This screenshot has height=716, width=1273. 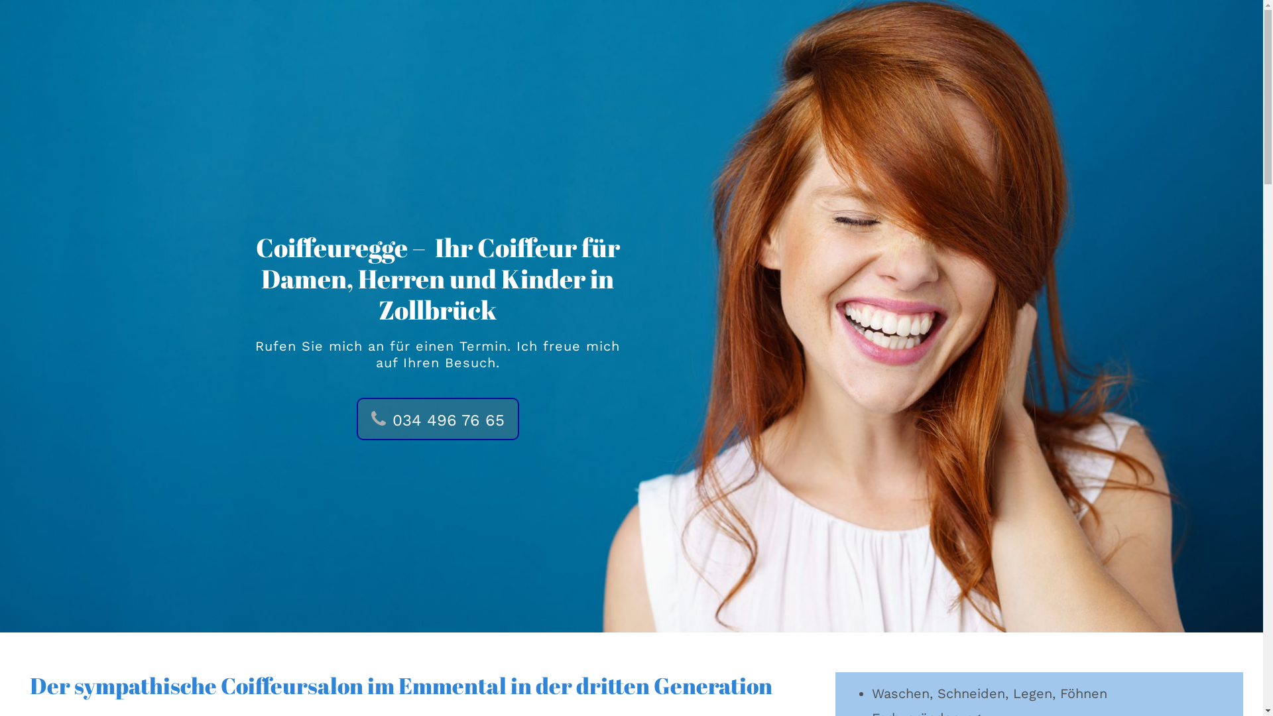 I want to click on '034 496 76 65', so click(x=438, y=419).